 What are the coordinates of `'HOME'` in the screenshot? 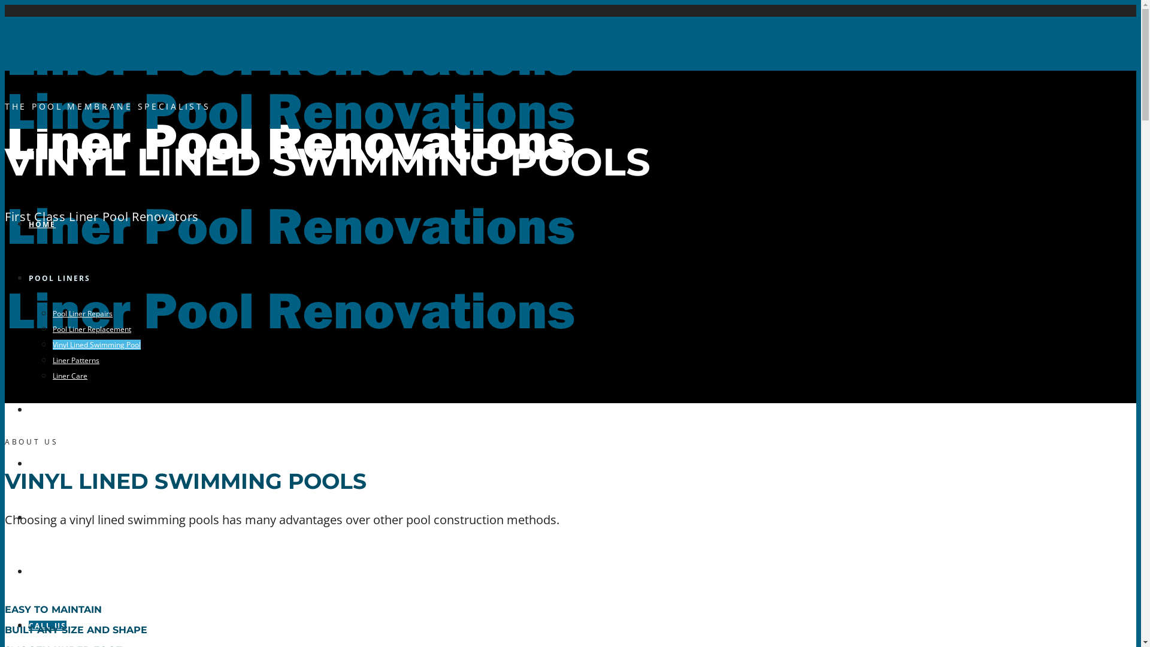 It's located at (42, 224).